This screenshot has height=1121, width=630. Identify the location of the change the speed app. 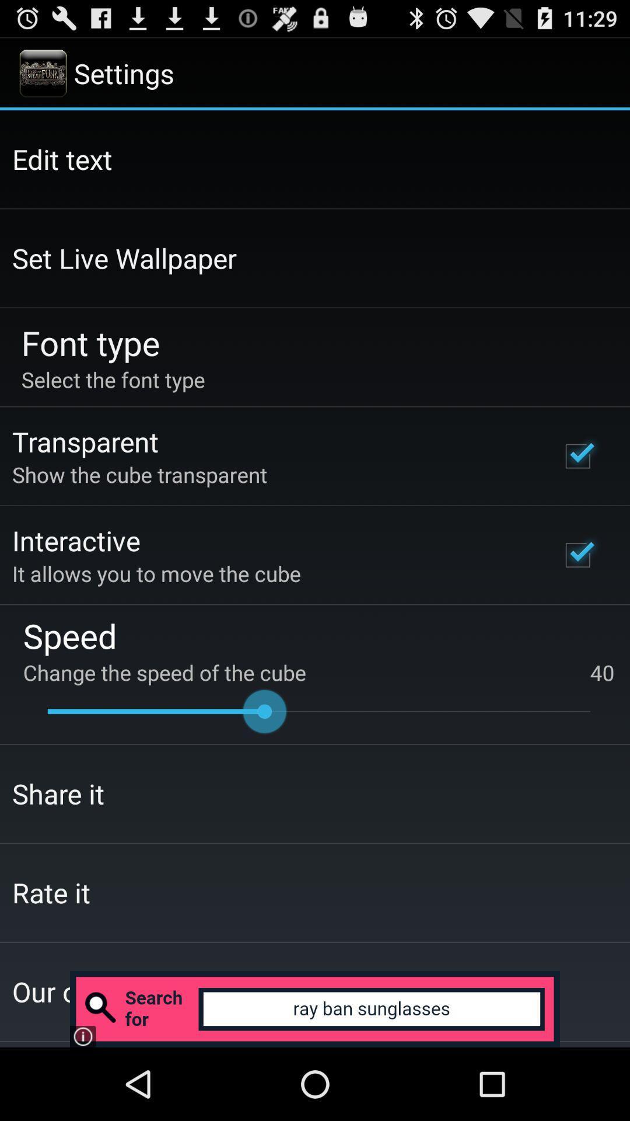
(318, 673).